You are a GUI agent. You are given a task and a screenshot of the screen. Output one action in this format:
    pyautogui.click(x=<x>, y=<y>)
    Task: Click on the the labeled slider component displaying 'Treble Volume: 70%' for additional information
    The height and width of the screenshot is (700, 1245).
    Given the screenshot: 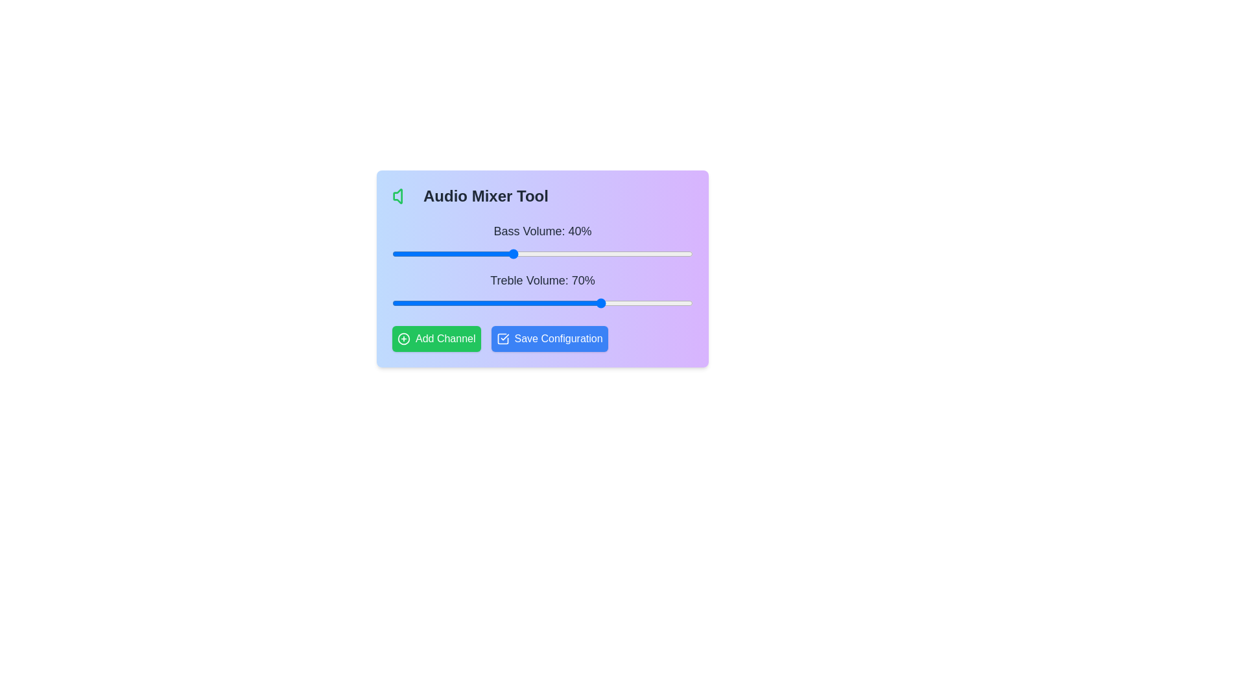 What is the action you would take?
    pyautogui.click(x=542, y=290)
    